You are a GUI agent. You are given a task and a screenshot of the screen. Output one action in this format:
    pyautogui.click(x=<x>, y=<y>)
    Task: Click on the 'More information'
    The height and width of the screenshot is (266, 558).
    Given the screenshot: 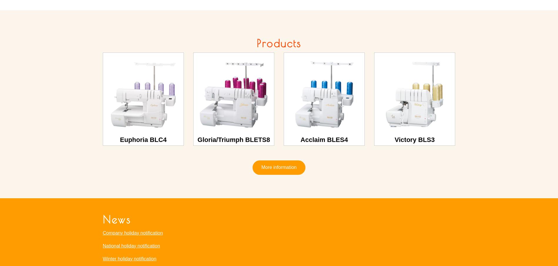 What is the action you would take?
    pyautogui.click(x=261, y=167)
    